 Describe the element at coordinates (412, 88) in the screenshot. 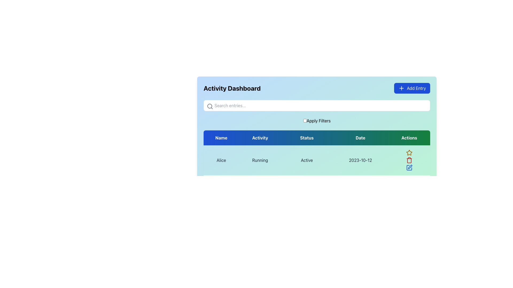

I see `the 'Add New Entry' button located in the upper right corner of the Activity Dashboard` at that location.